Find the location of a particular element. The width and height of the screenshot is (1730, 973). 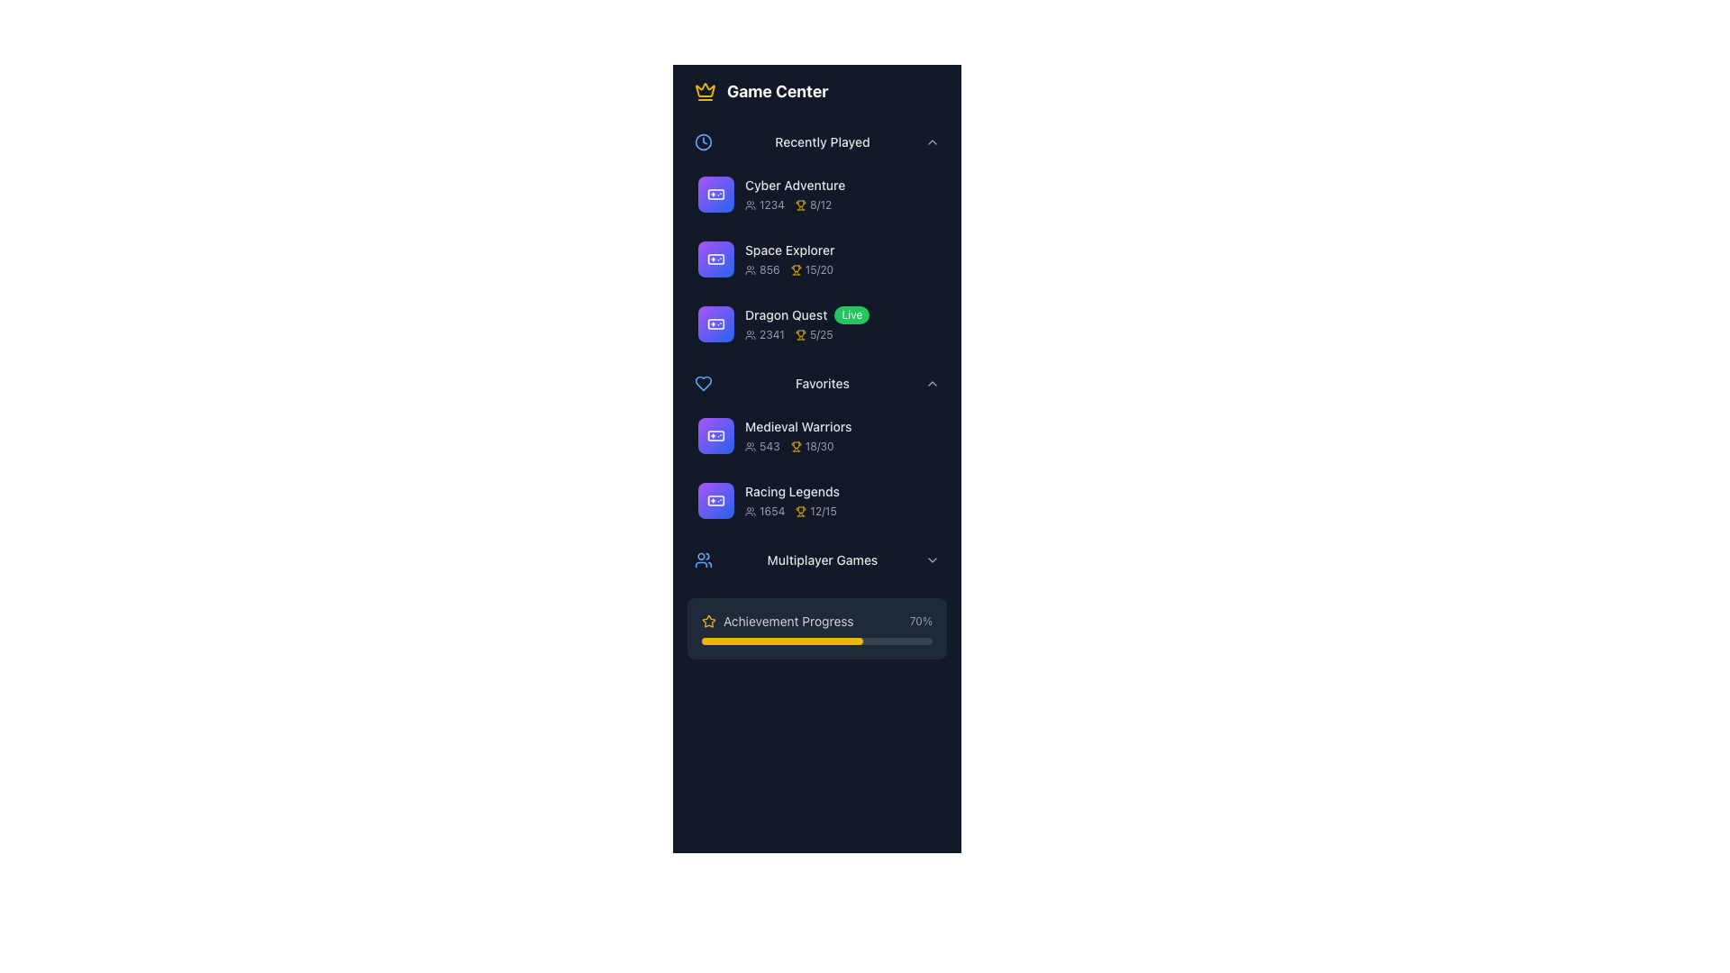

the text label displaying the title of the first game listed in the 'Recently Played' section of the game menu interface is located at coordinates (794, 185).